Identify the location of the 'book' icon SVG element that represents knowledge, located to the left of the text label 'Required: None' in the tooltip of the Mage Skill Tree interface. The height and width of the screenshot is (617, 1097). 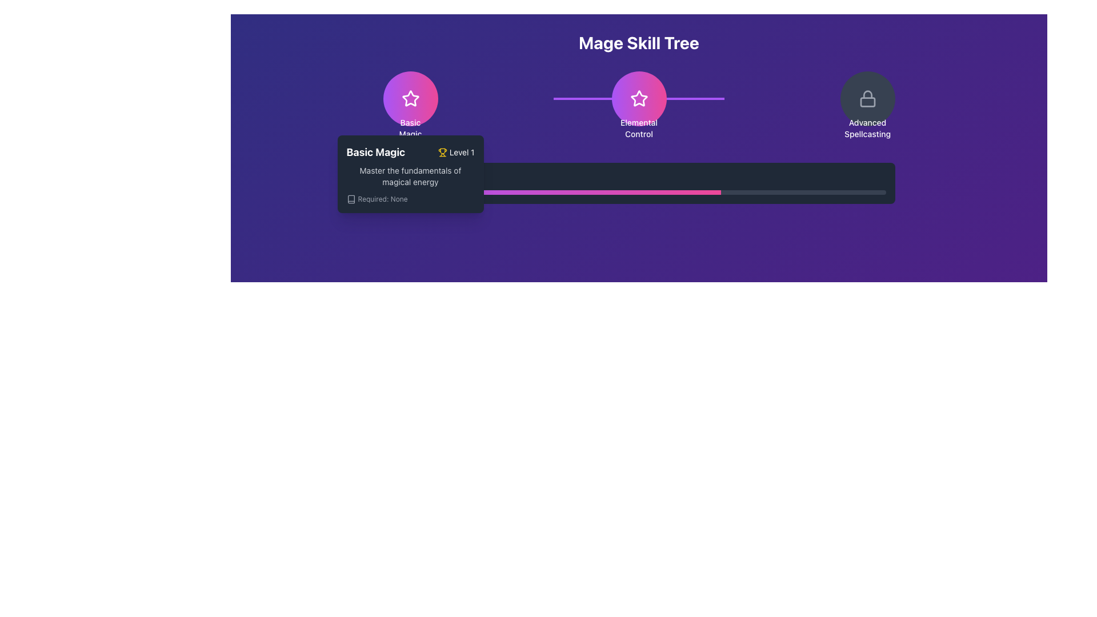
(350, 198).